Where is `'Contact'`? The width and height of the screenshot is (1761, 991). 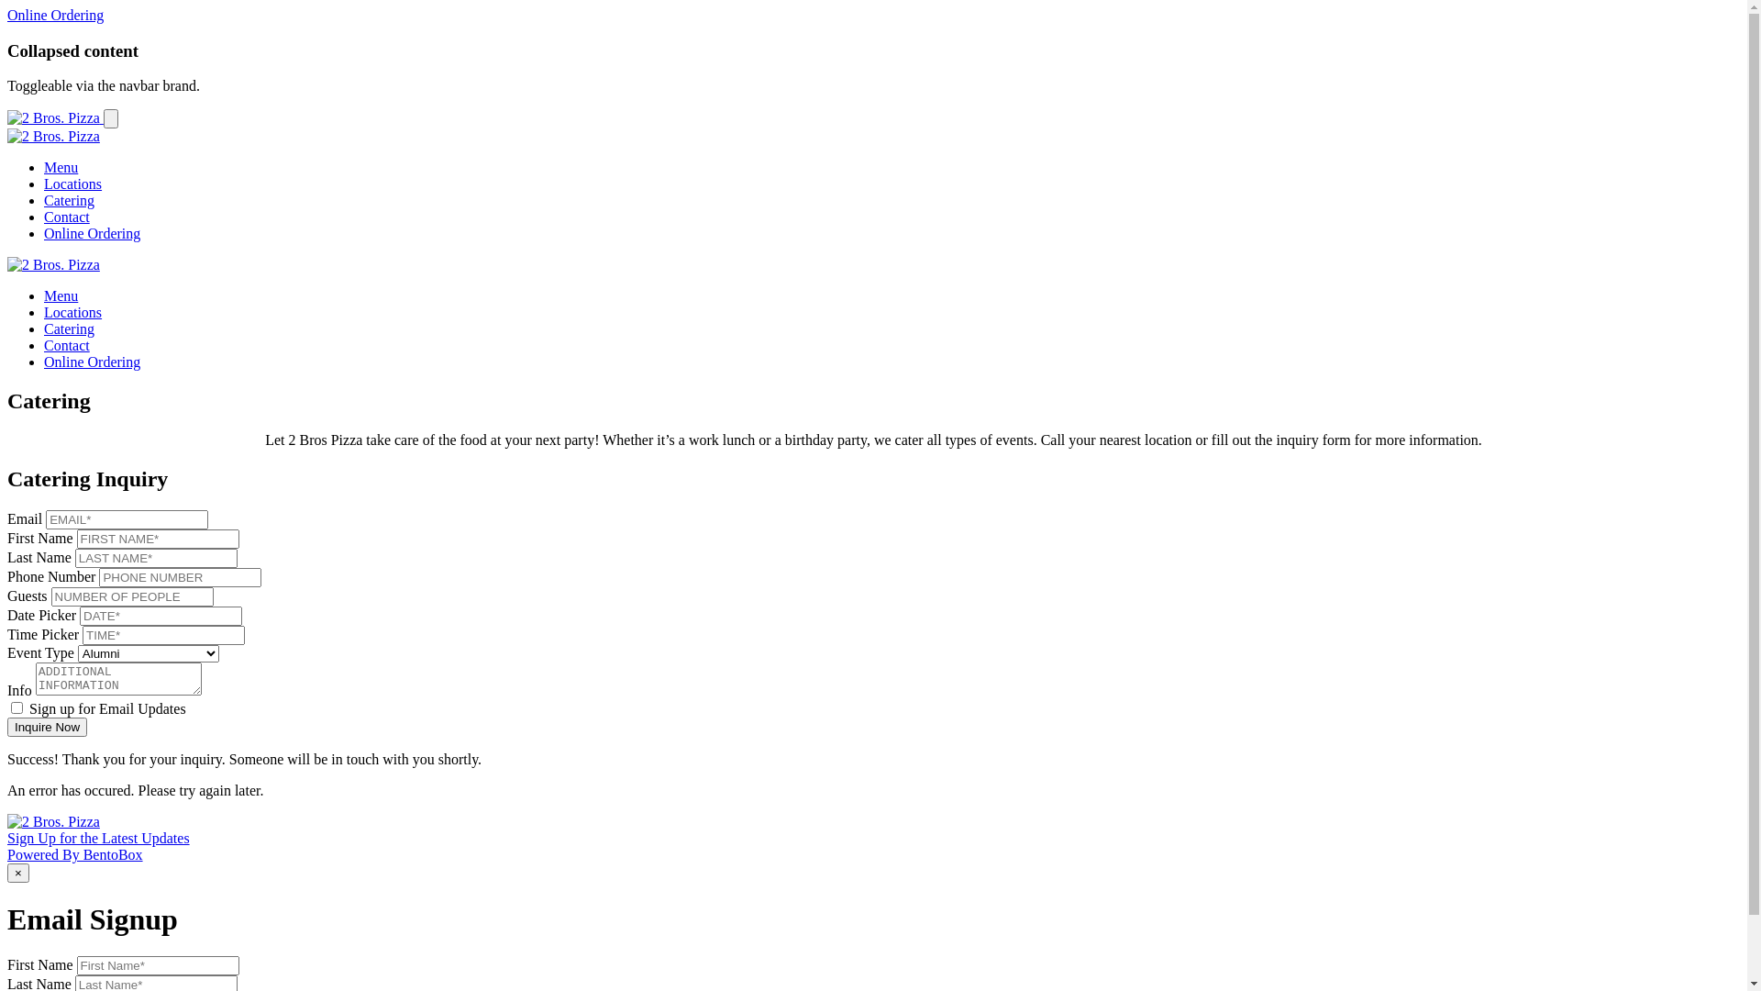 'Contact' is located at coordinates (66, 216).